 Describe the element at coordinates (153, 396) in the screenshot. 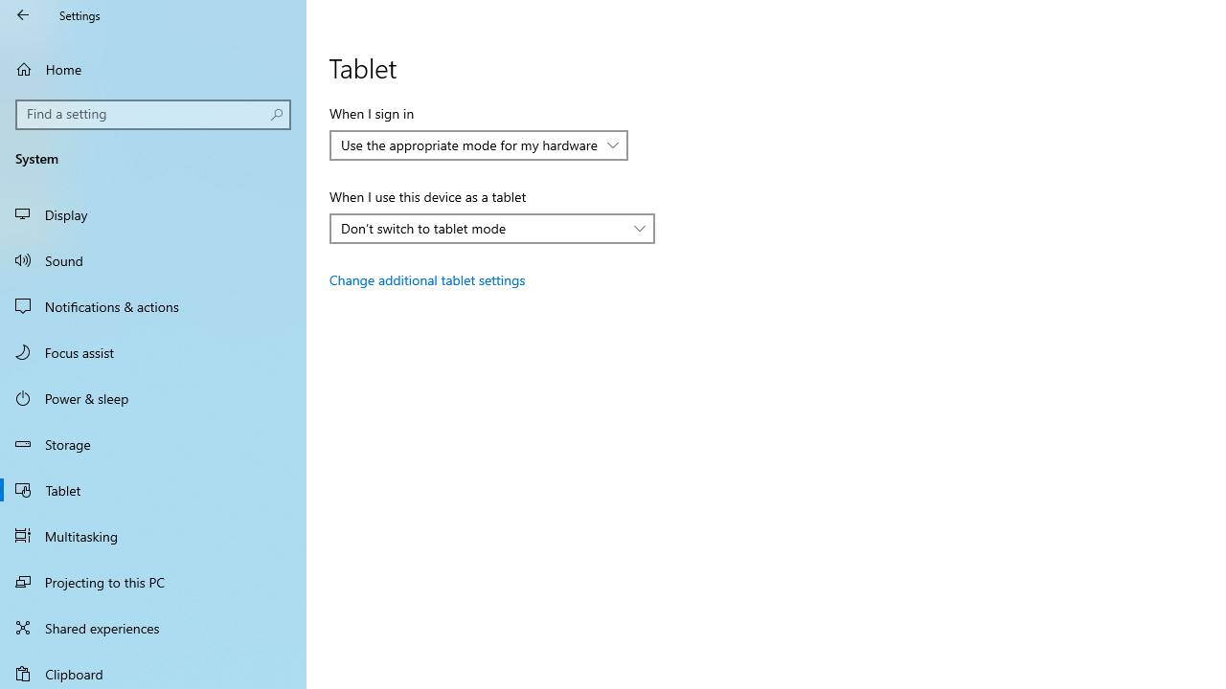

I see `'Power & sleep'` at that location.